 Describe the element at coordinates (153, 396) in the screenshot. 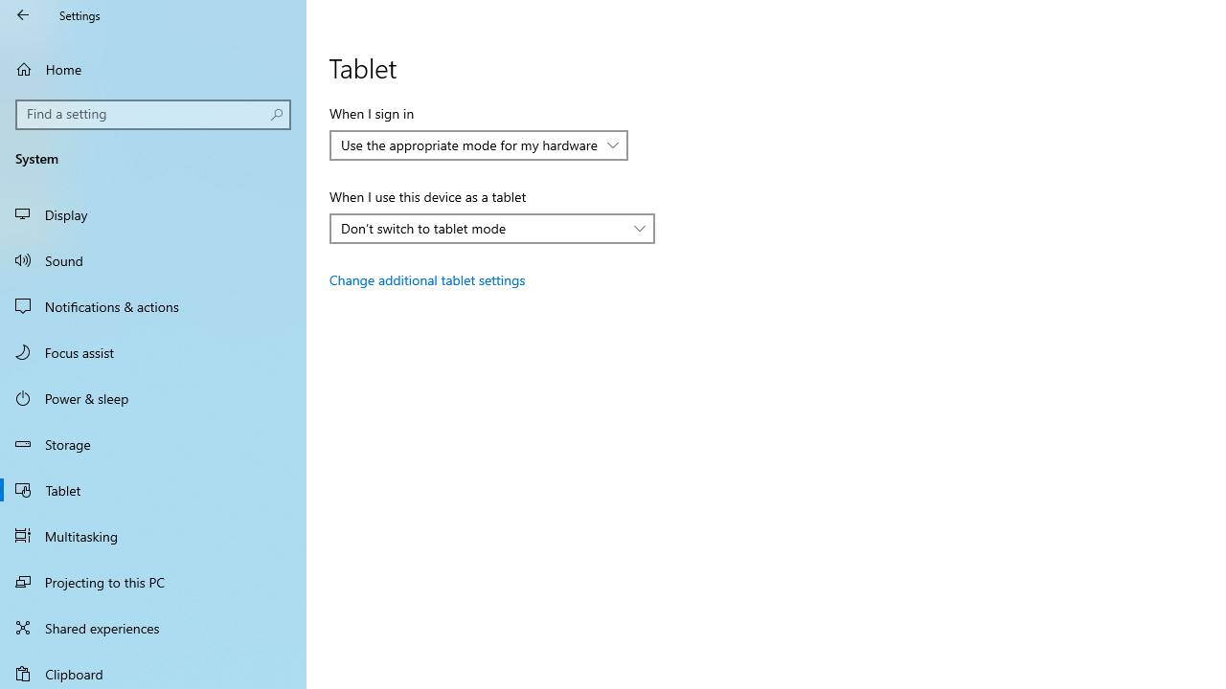

I see `'Power & sleep'` at that location.